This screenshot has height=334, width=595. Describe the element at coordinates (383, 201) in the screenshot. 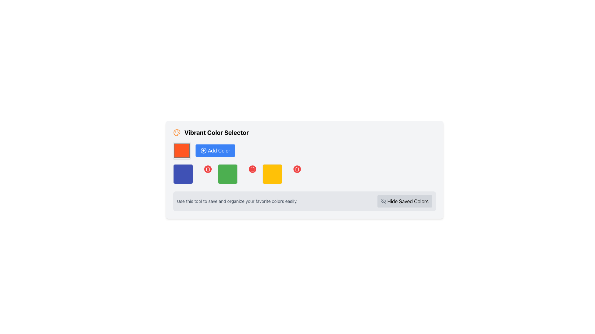

I see `the SVG Icon that toggles the visibility of saved colors, which is part of the 'Hide Saved Colors' button located at the bottom right corner of the interface` at that location.